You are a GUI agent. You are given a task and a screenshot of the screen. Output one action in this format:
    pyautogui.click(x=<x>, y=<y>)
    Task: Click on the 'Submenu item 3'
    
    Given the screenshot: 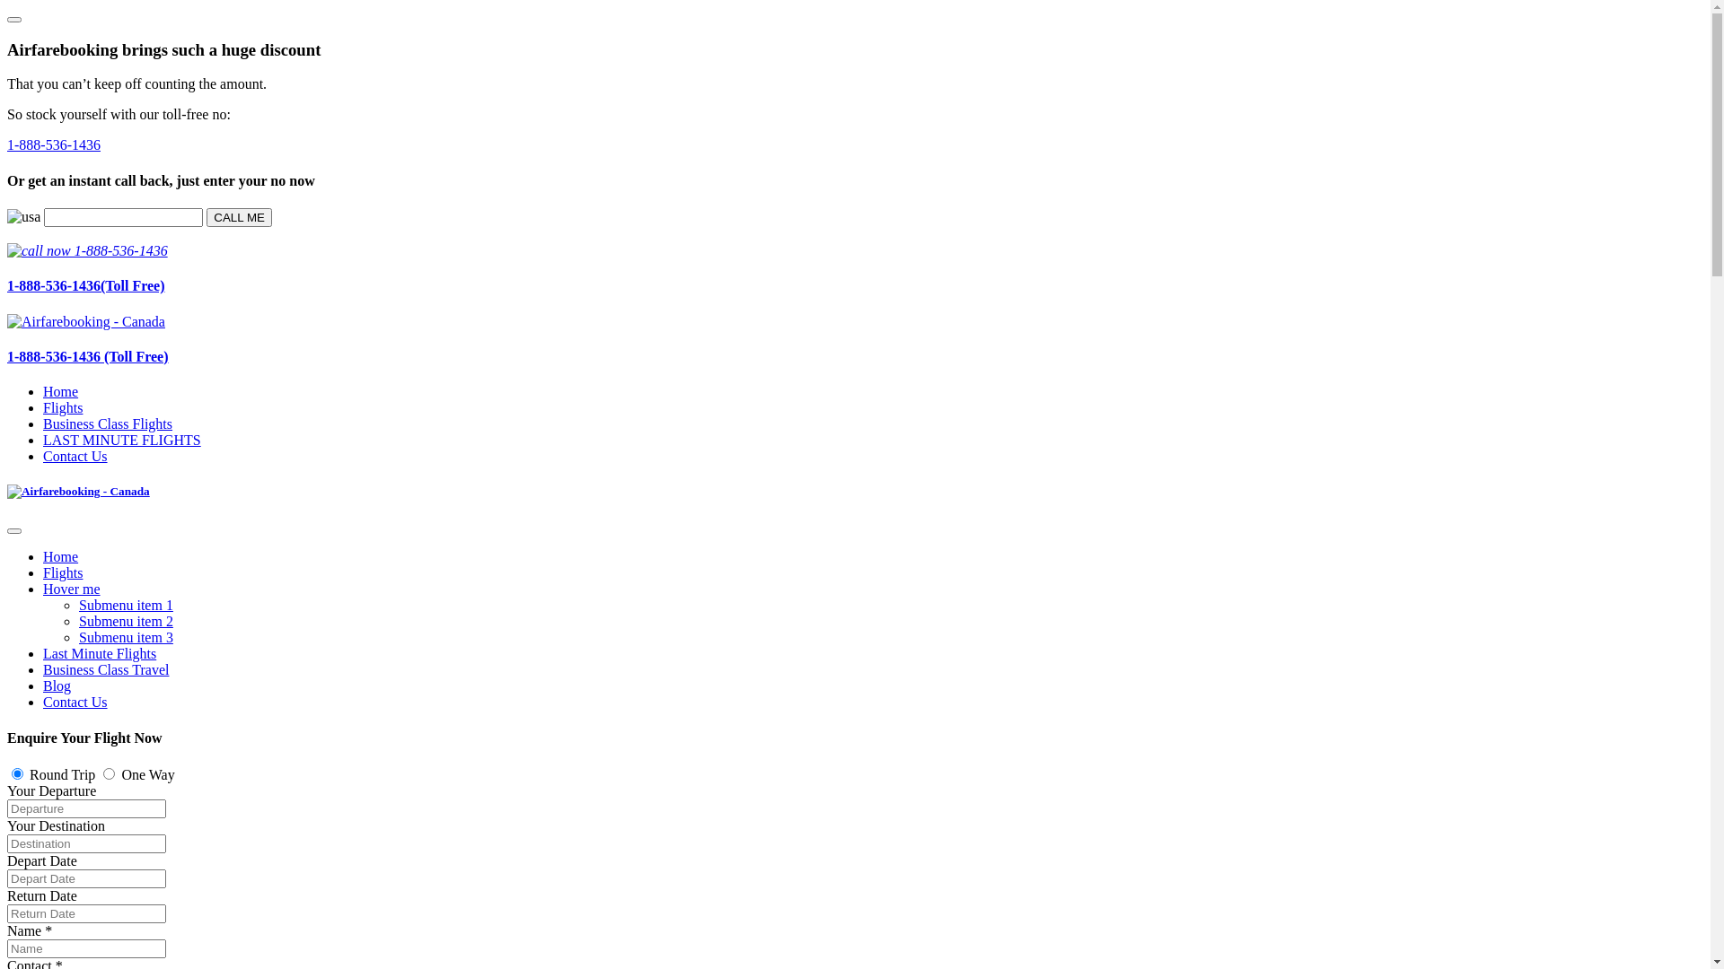 What is the action you would take?
    pyautogui.click(x=125, y=636)
    